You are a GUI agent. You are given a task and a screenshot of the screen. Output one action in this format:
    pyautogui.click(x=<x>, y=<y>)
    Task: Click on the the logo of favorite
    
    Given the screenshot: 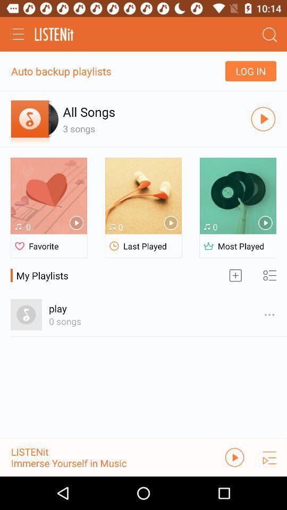 What is the action you would take?
    pyautogui.click(x=20, y=246)
    